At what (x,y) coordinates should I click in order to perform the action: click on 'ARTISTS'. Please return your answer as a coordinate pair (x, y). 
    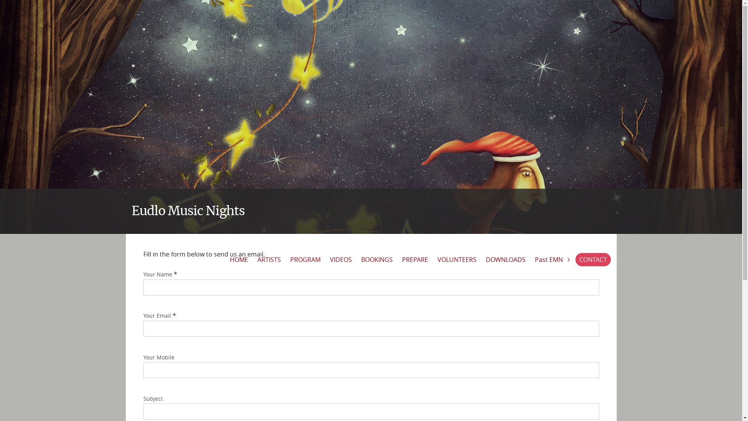
    Looking at the image, I should click on (269, 260).